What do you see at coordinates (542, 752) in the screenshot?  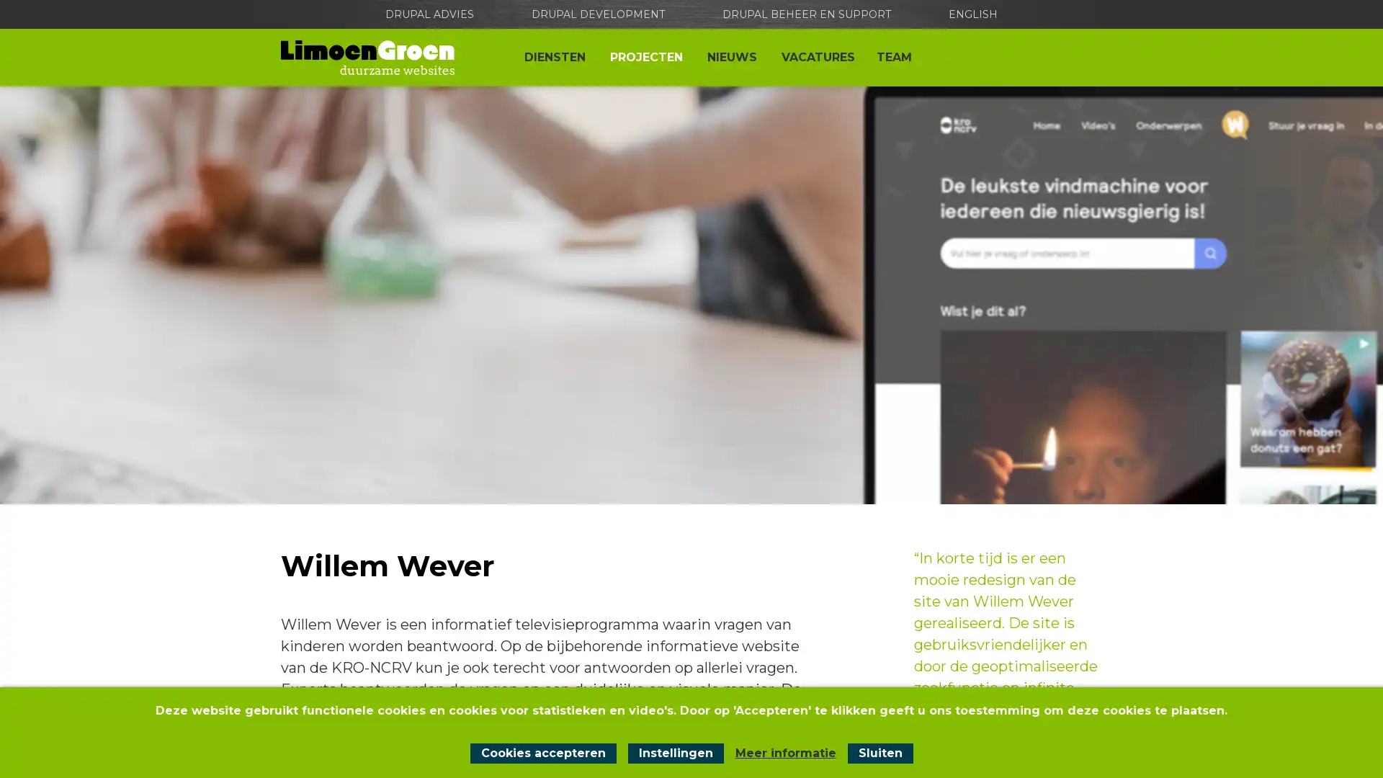 I see `Cookies accepteren` at bounding box center [542, 752].